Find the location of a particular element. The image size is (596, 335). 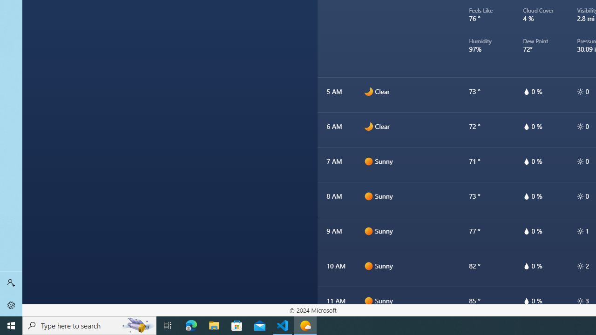

'Start' is located at coordinates (11, 325).